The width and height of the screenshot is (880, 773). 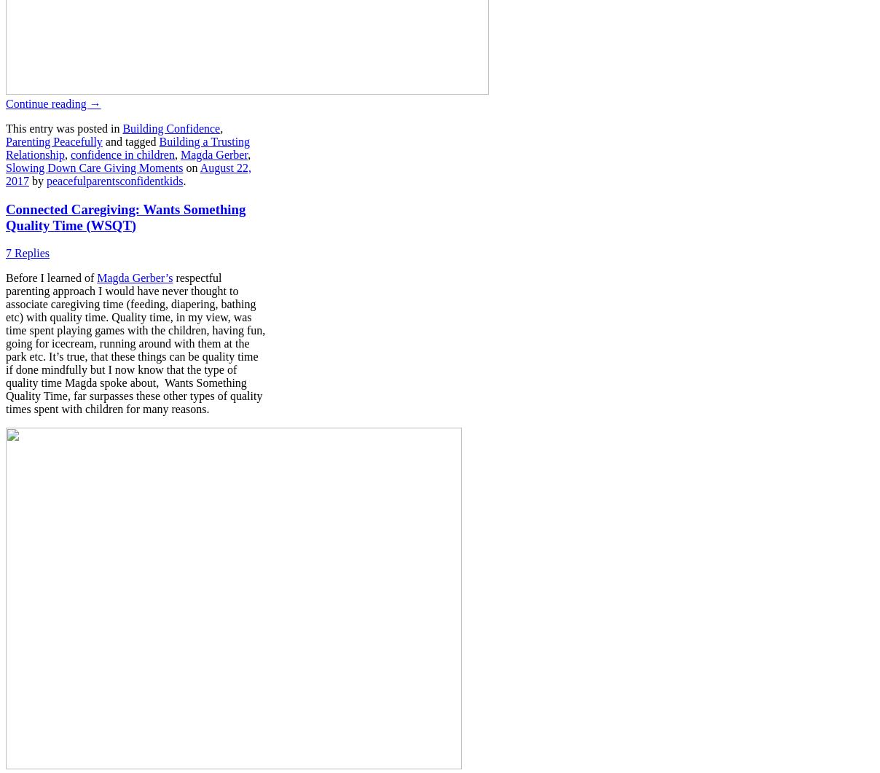 What do you see at coordinates (4, 166) in the screenshot?
I see `'Slowing Down Care Giving Moments'` at bounding box center [4, 166].